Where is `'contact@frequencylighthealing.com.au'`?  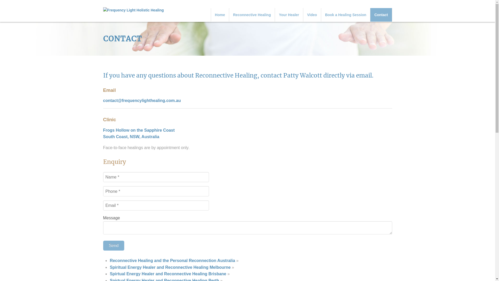 'contact@frequencylighthealing.com.au' is located at coordinates (142, 100).